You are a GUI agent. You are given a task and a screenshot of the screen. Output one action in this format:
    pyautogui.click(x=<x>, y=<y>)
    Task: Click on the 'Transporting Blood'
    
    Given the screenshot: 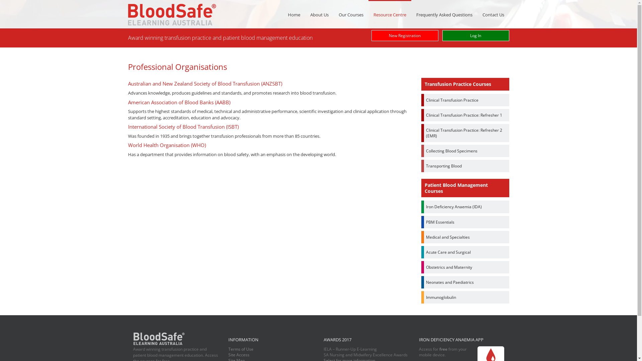 What is the action you would take?
    pyautogui.click(x=465, y=165)
    